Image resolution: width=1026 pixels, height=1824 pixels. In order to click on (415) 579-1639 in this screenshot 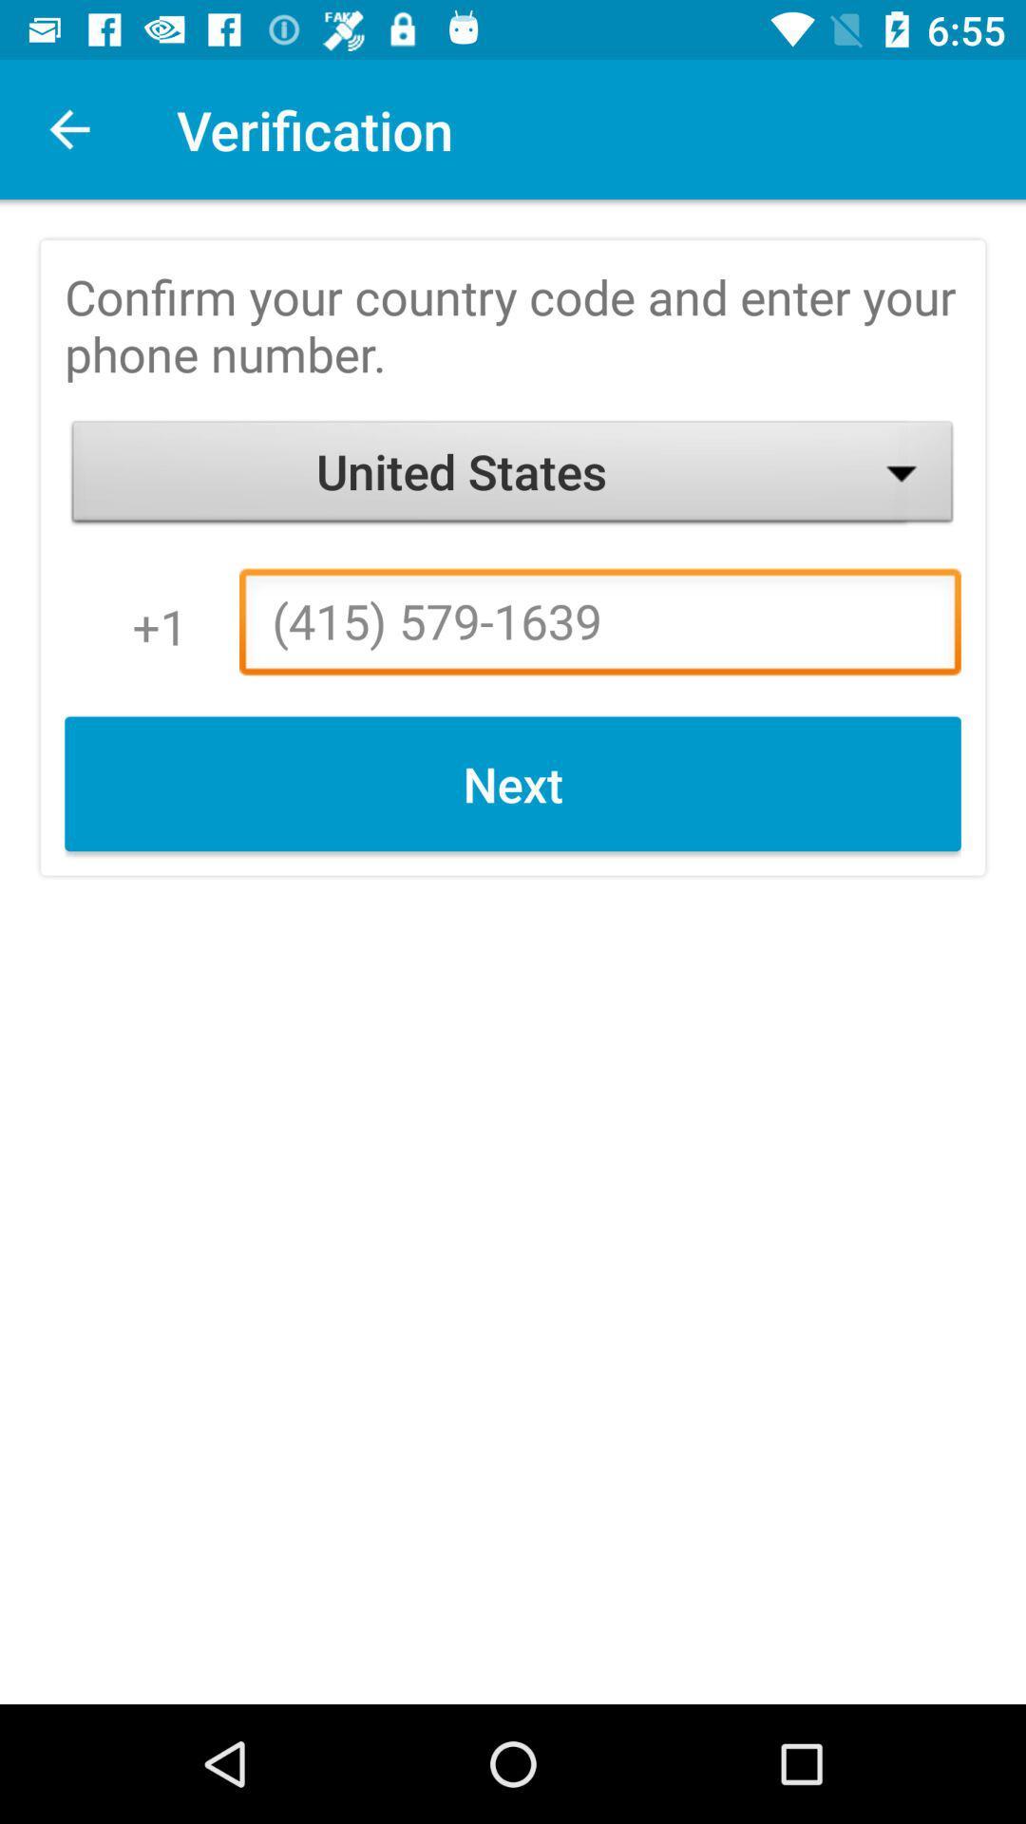, I will do `click(599, 627)`.